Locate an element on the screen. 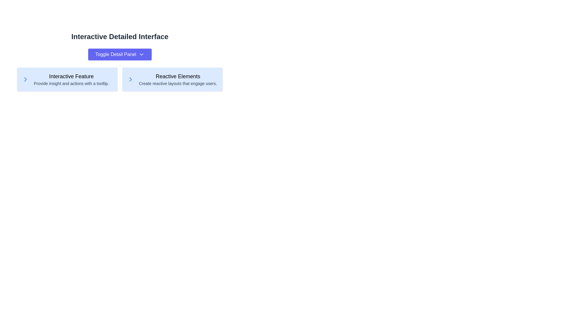 The width and height of the screenshot is (570, 320). descriptive and title text from the card-like UI component labeled 'Reactive Elements' which is the second in a horizontal row of similar components is located at coordinates (178, 79).